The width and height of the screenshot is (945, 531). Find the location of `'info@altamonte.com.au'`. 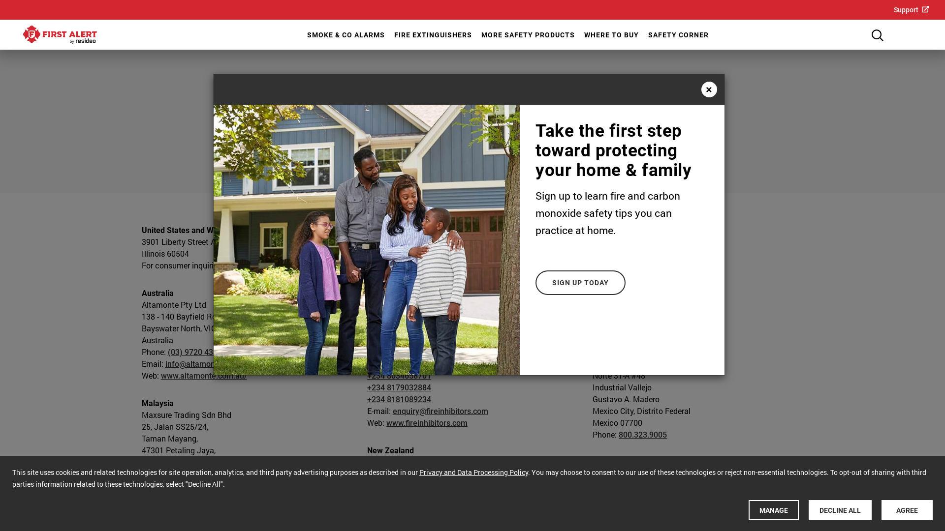

'info@altamonte.com.au' is located at coordinates (165, 363).